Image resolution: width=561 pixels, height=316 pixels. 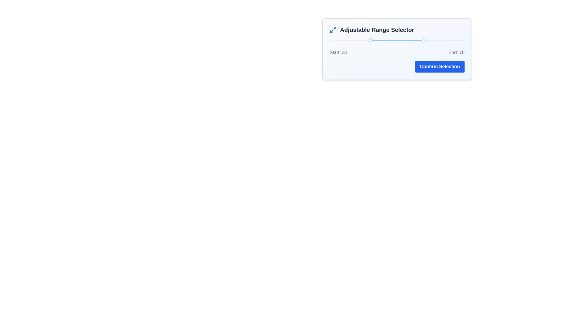 I want to click on the slider, so click(x=408, y=40).